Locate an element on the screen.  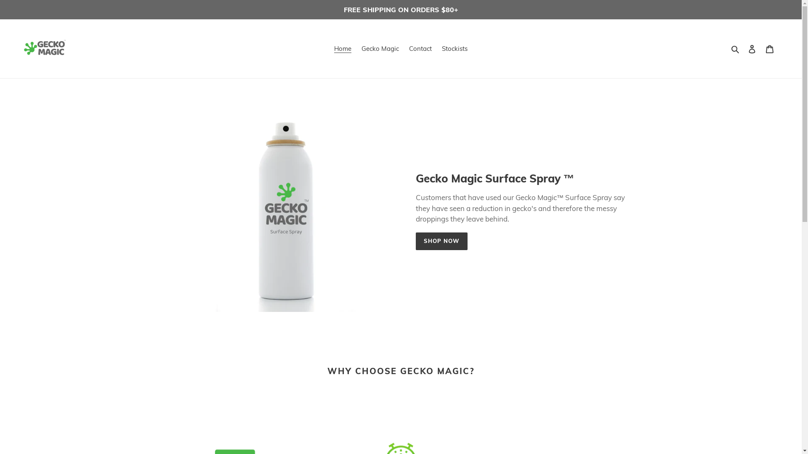
'Stockists' is located at coordinates (454, 49).